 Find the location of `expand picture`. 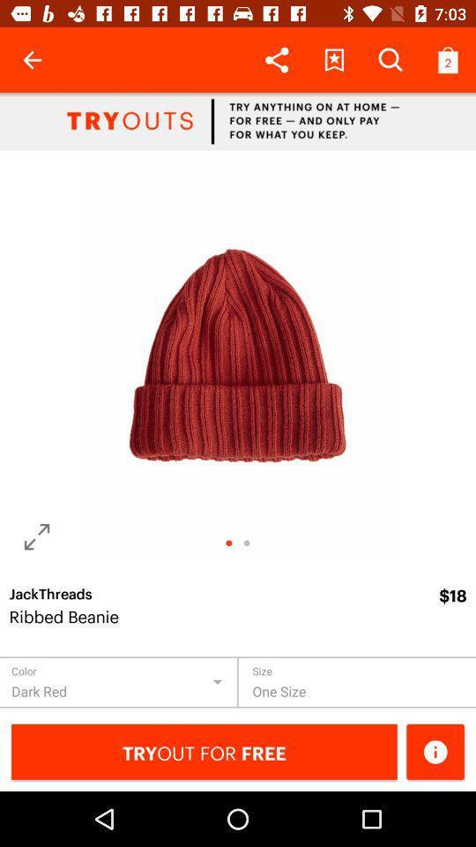

expand picture is located at coordinates (37, 536).